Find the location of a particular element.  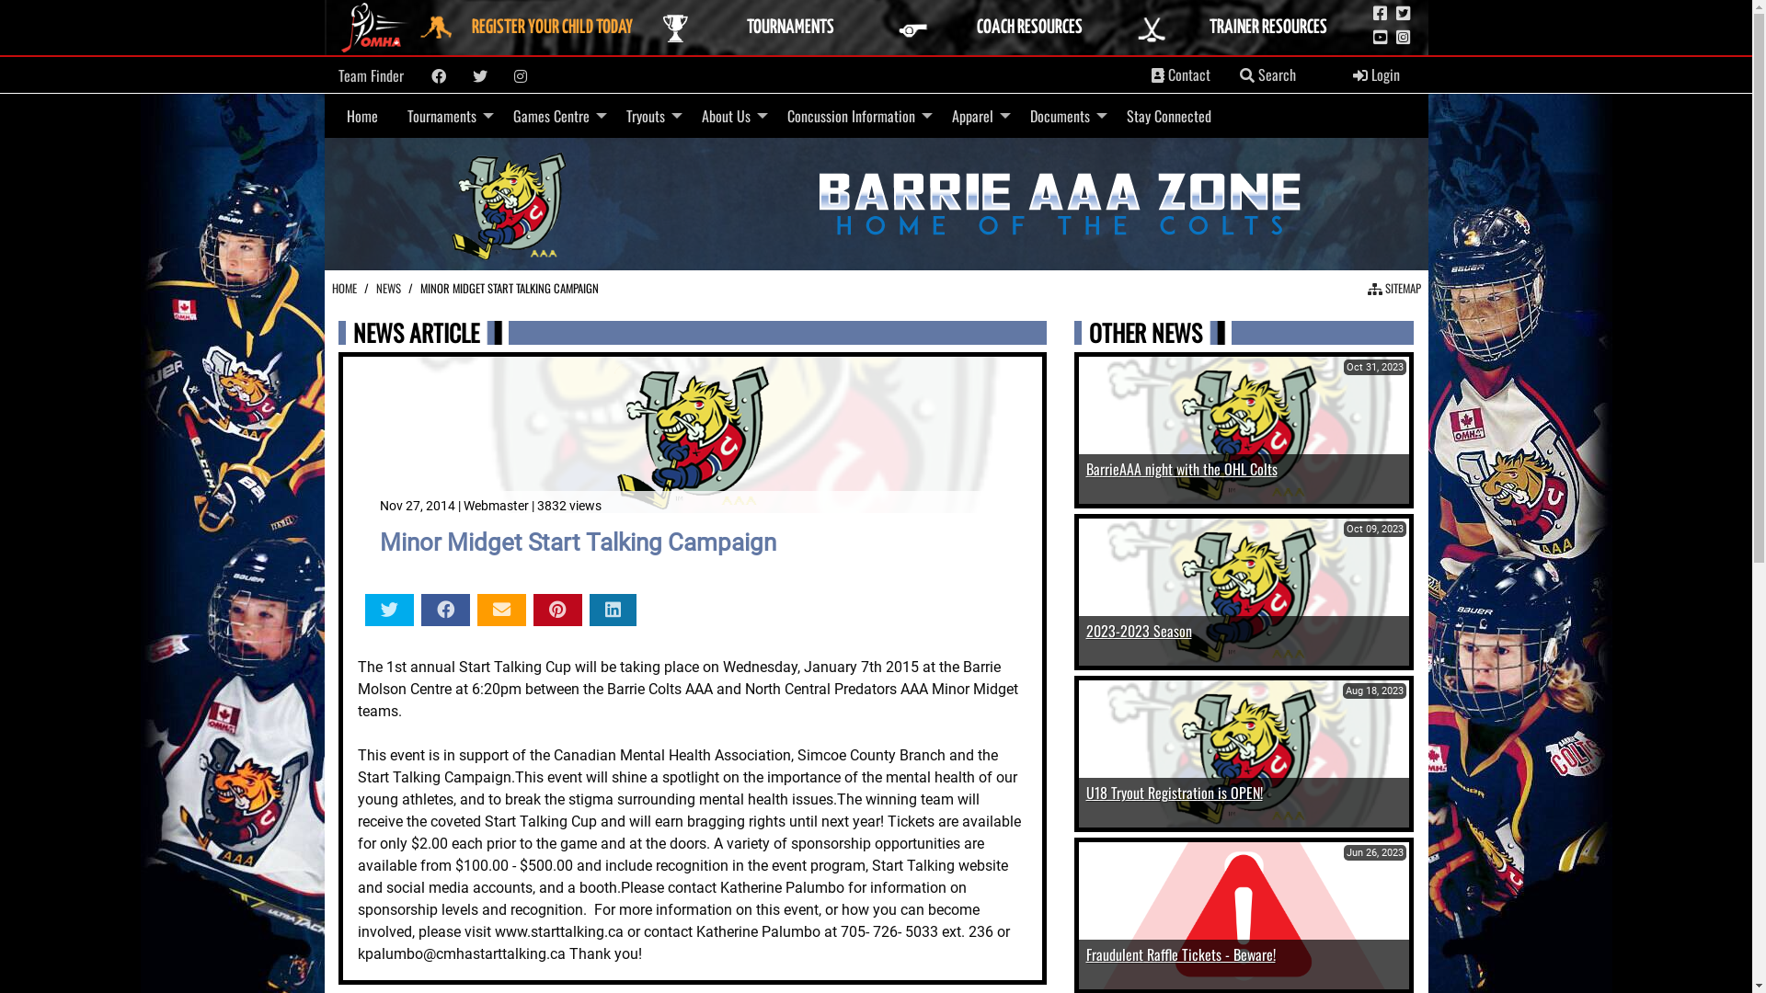

'Link to OMHA Website' is located at coordinates (374, 28).